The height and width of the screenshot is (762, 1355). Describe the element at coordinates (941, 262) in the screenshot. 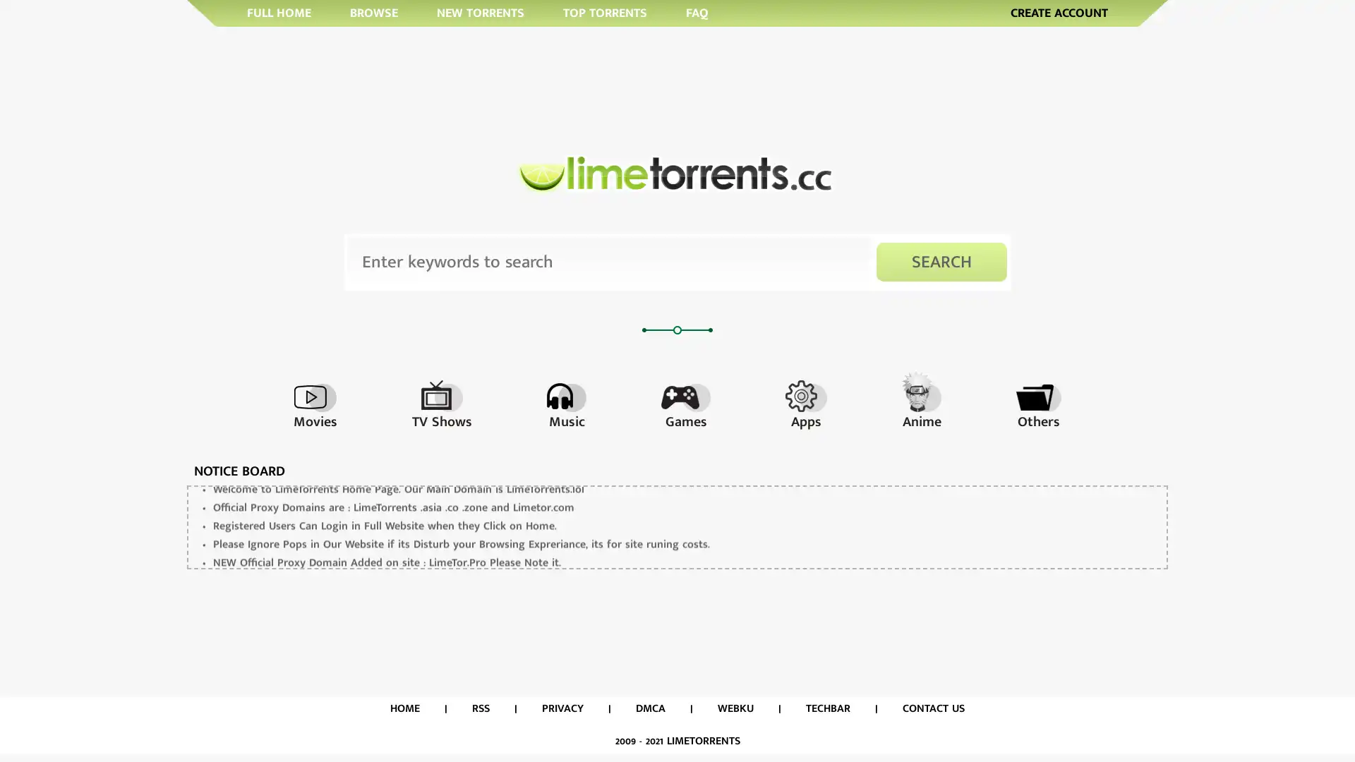

I see `Search` at that location.